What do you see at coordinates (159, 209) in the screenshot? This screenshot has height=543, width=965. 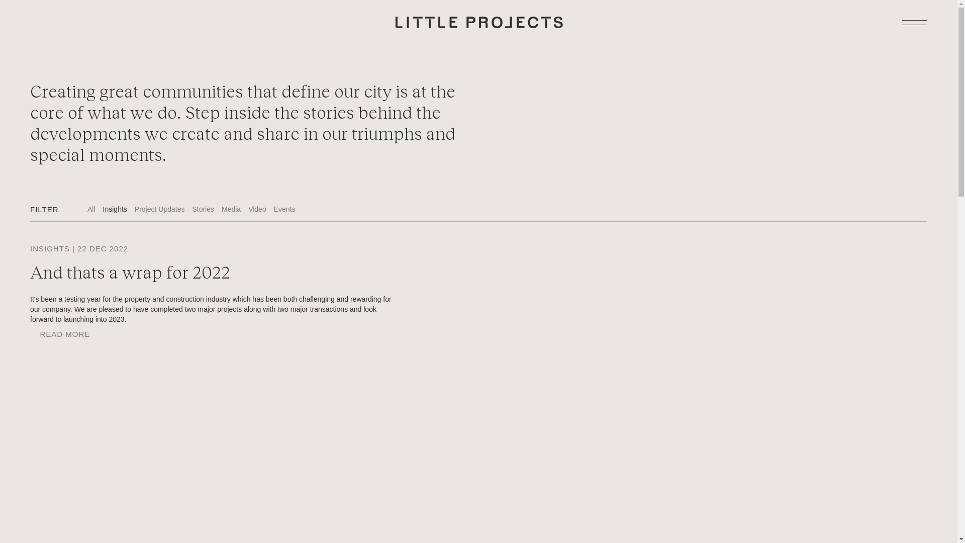 I see `'Project Updates'` at bounding box center [159, 209].